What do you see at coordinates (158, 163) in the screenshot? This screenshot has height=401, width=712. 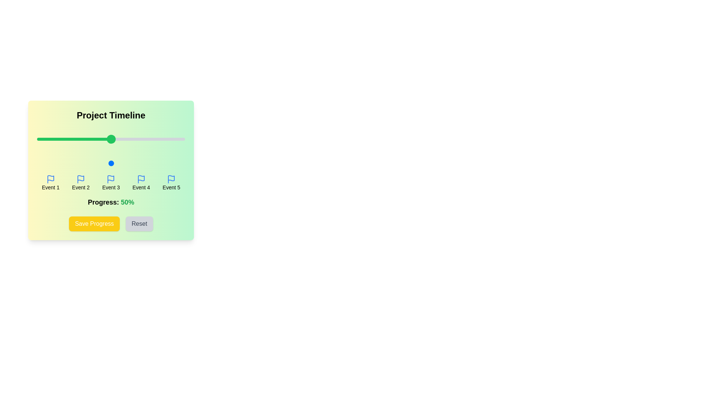 I see `the timeline progress to 82% by adjusting the slider` at bounding box center [158, 163].